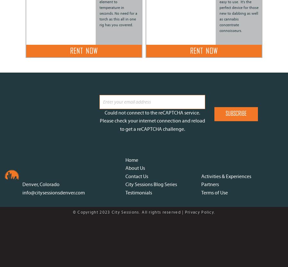 This screenshot has height=267, width=288. What do you see at coordinates (125, 192) in the screenshot?
I see `'Testimonials'` at bounding box center [125, 192].